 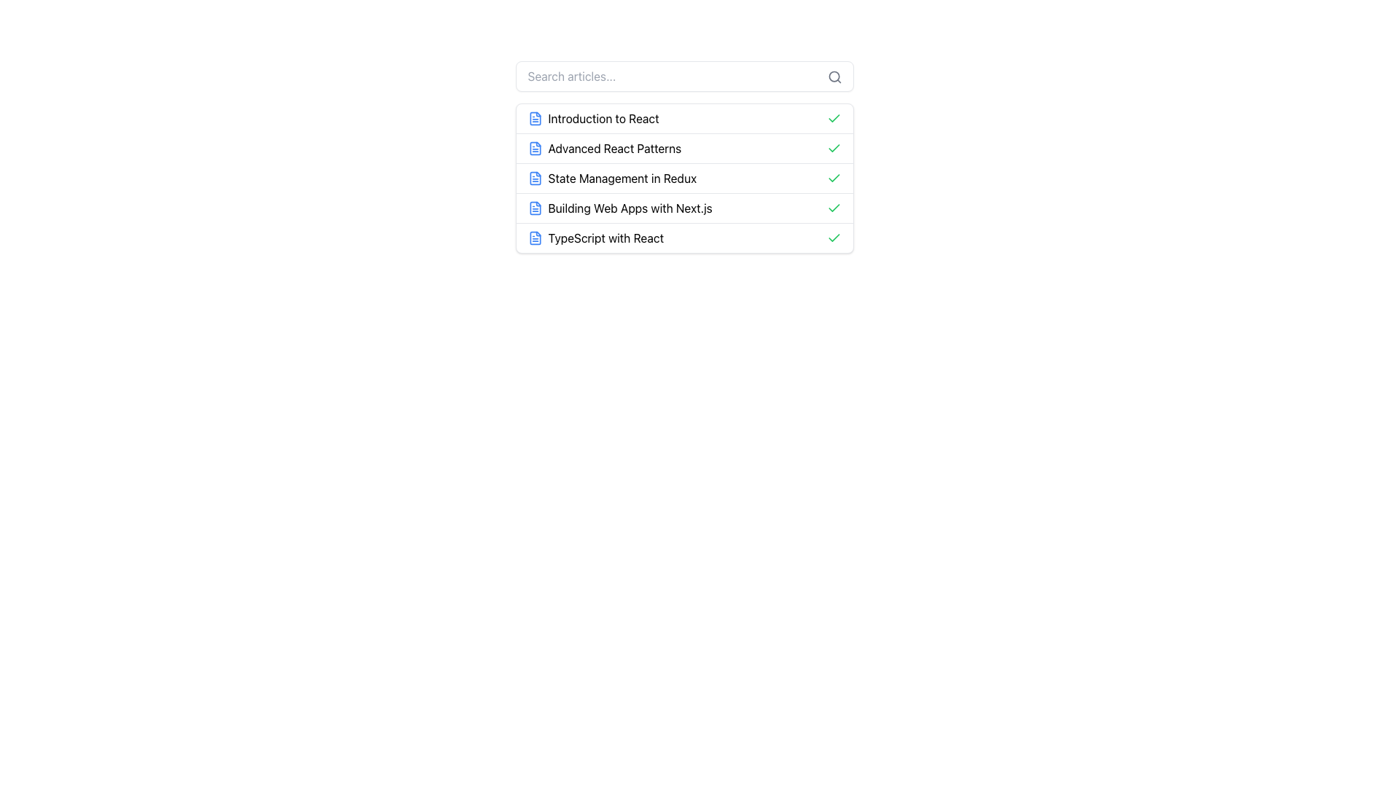 I want to click on the checkmark icon indicating the completion status of 'Building Web Apps with Next.js', so click(x=834, y=208).